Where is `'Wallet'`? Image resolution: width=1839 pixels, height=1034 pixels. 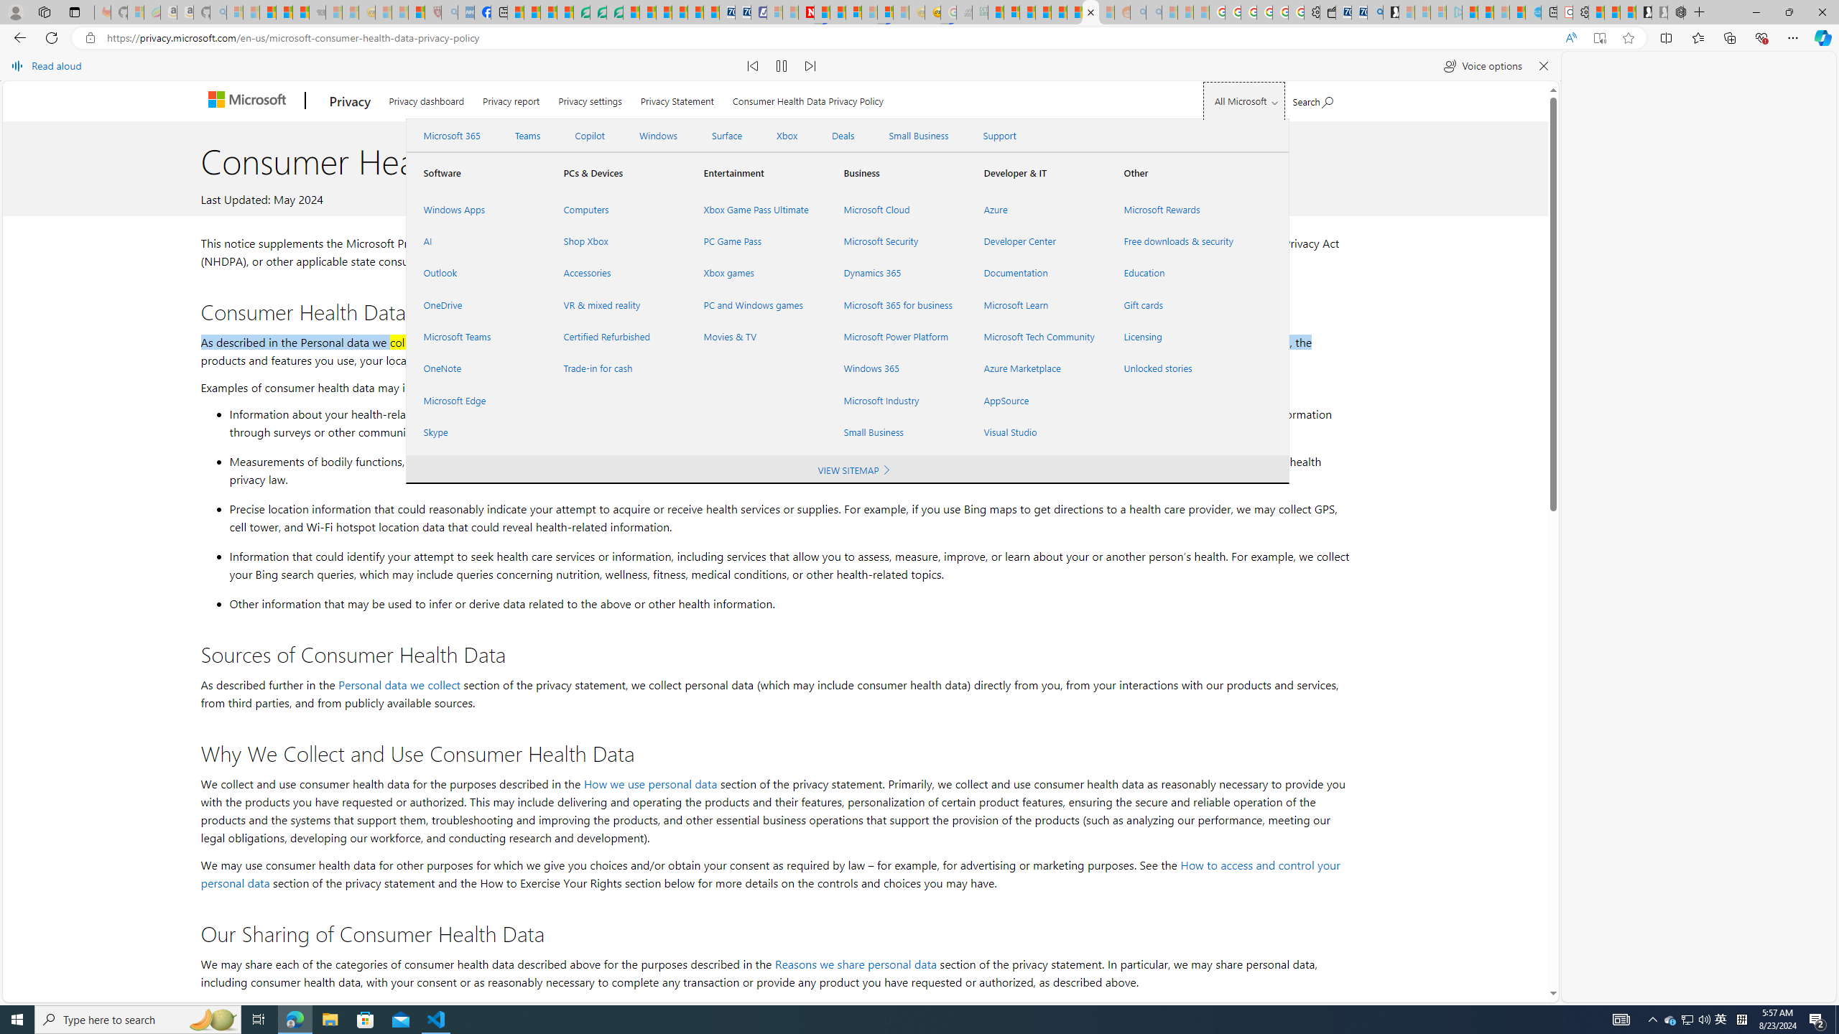
'Wallet' is located at coordinates (1327, 11).